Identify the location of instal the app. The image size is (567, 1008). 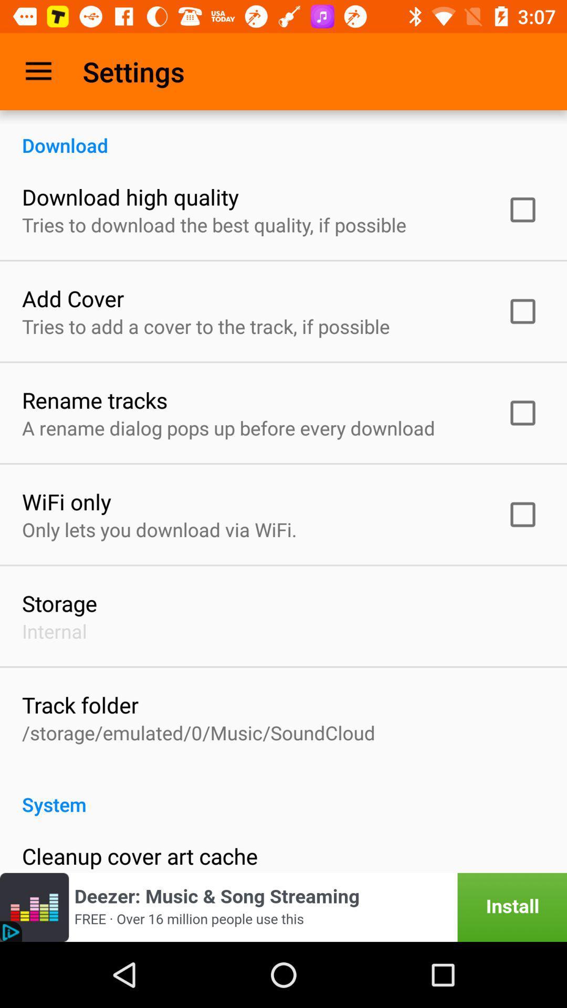
(283, 907).